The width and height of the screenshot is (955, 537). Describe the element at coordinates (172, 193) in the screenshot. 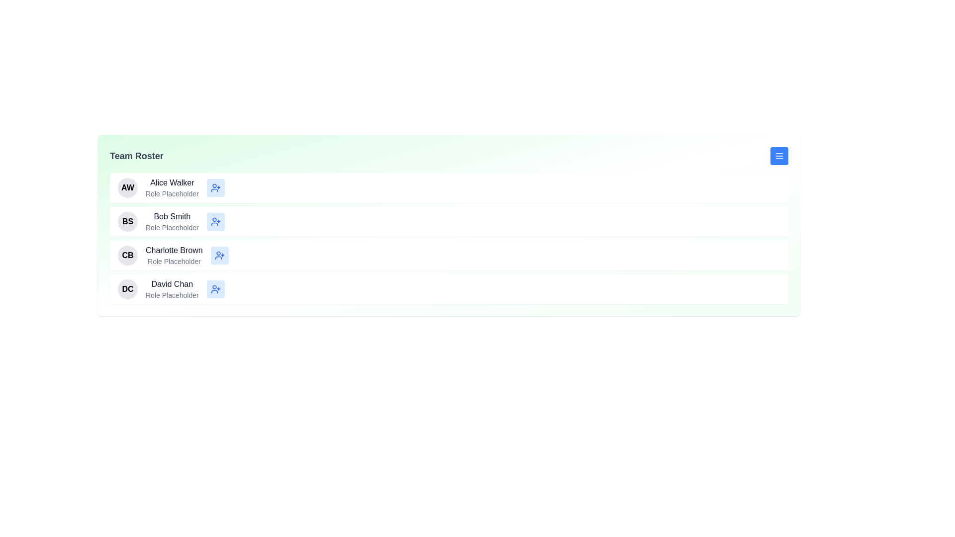

I see `the static text label displaying supplementary information for 'Alice Walker', located directly below her name in the 'Team Roster' list` at that location.